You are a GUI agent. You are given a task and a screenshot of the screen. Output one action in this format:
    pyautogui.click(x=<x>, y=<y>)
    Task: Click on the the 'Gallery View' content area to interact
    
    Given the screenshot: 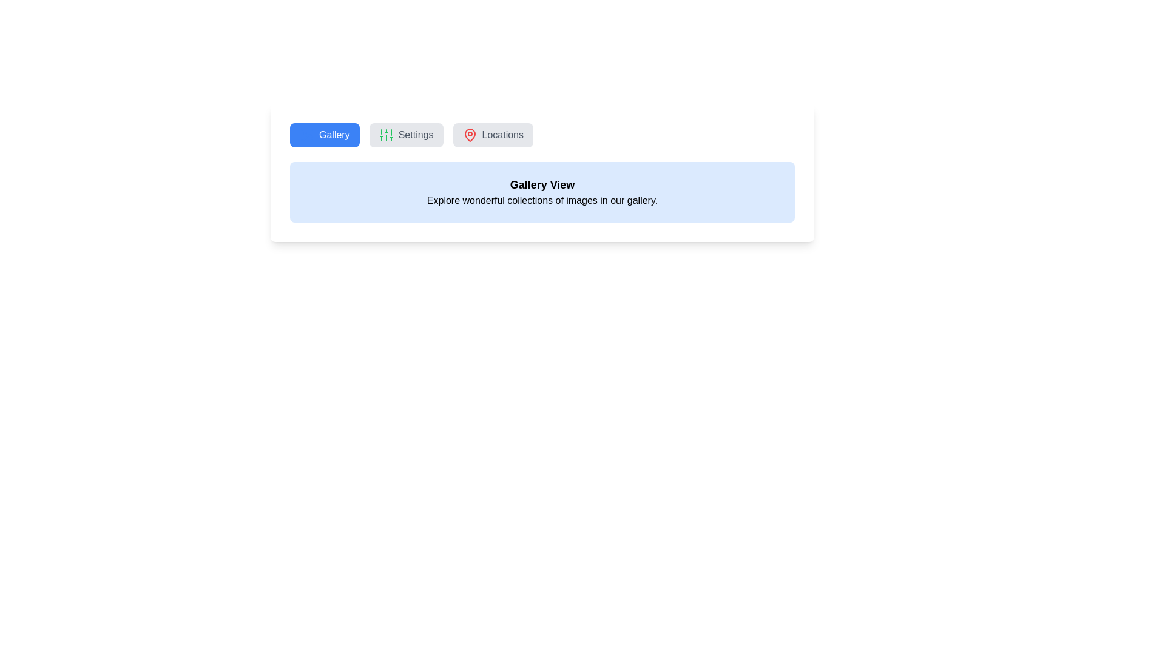 What is the action you would take?
    pyautogui.click(x=541, y=191)
    